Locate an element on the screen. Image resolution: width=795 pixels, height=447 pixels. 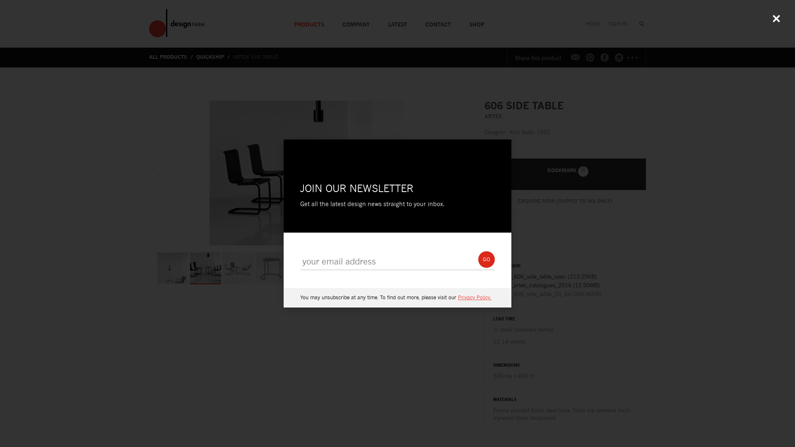
'SHOP' is located at coordinates (459, 20).